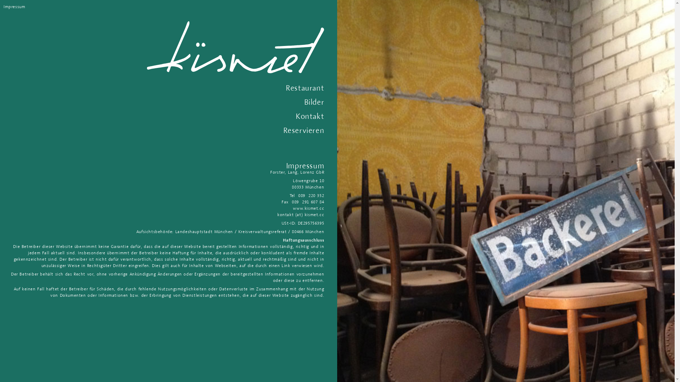 The image size is (680, 382). Describe the element at coordinates (7, 21) in the screenshot. I see `'Skip to content'` at that location.